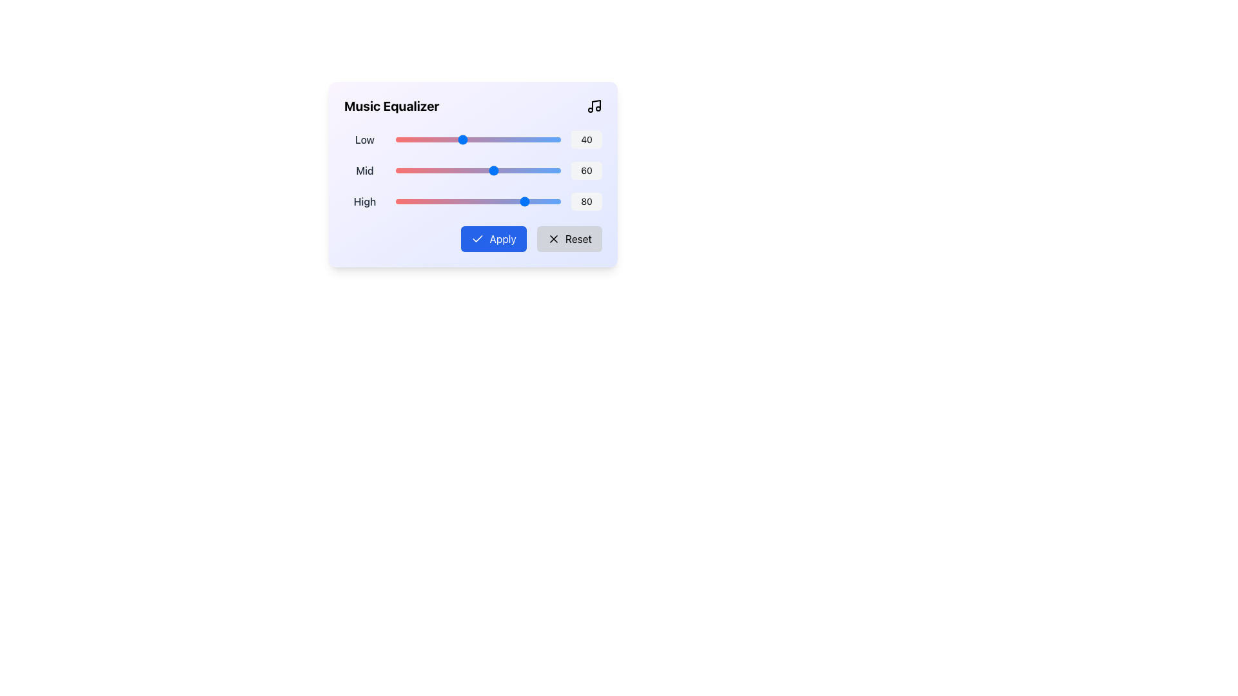  I want to click on the 'High' audio frequency, so click(476, 201).